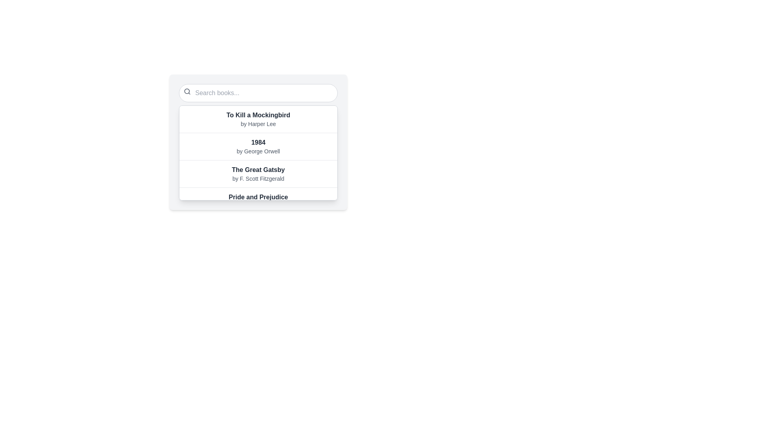 Image resolution: width=762 pixels, height=428 pixels. I want to click on the text label reading 'Pride and Prejudice', which is the primary label of the fourth list item in a vertical list of items, so click(258, 197).